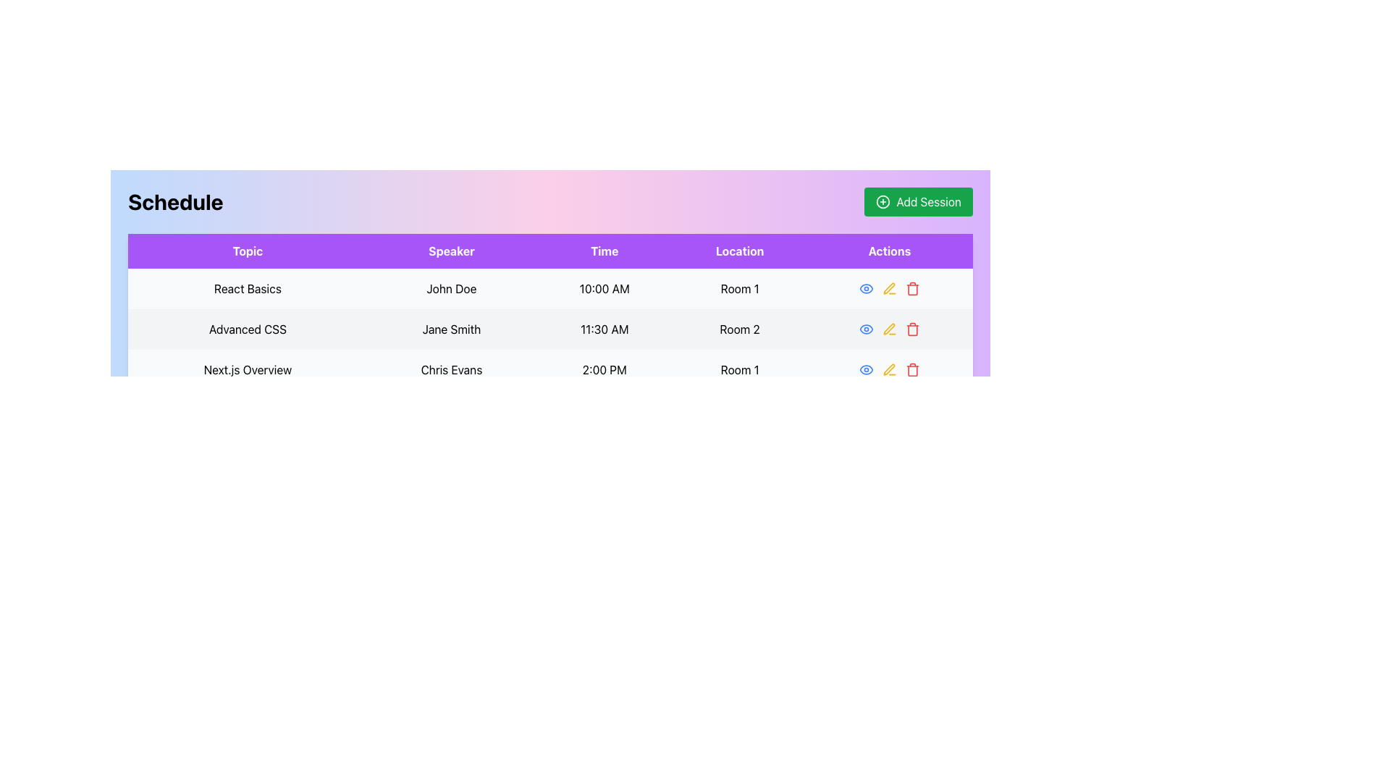 Image resolution: width=1390 pixels, height=782 pixels. Describe the element at coordinates (911, 288) in the screenshot. I see `the trash bin icon in the 'Actions' column` at that location.